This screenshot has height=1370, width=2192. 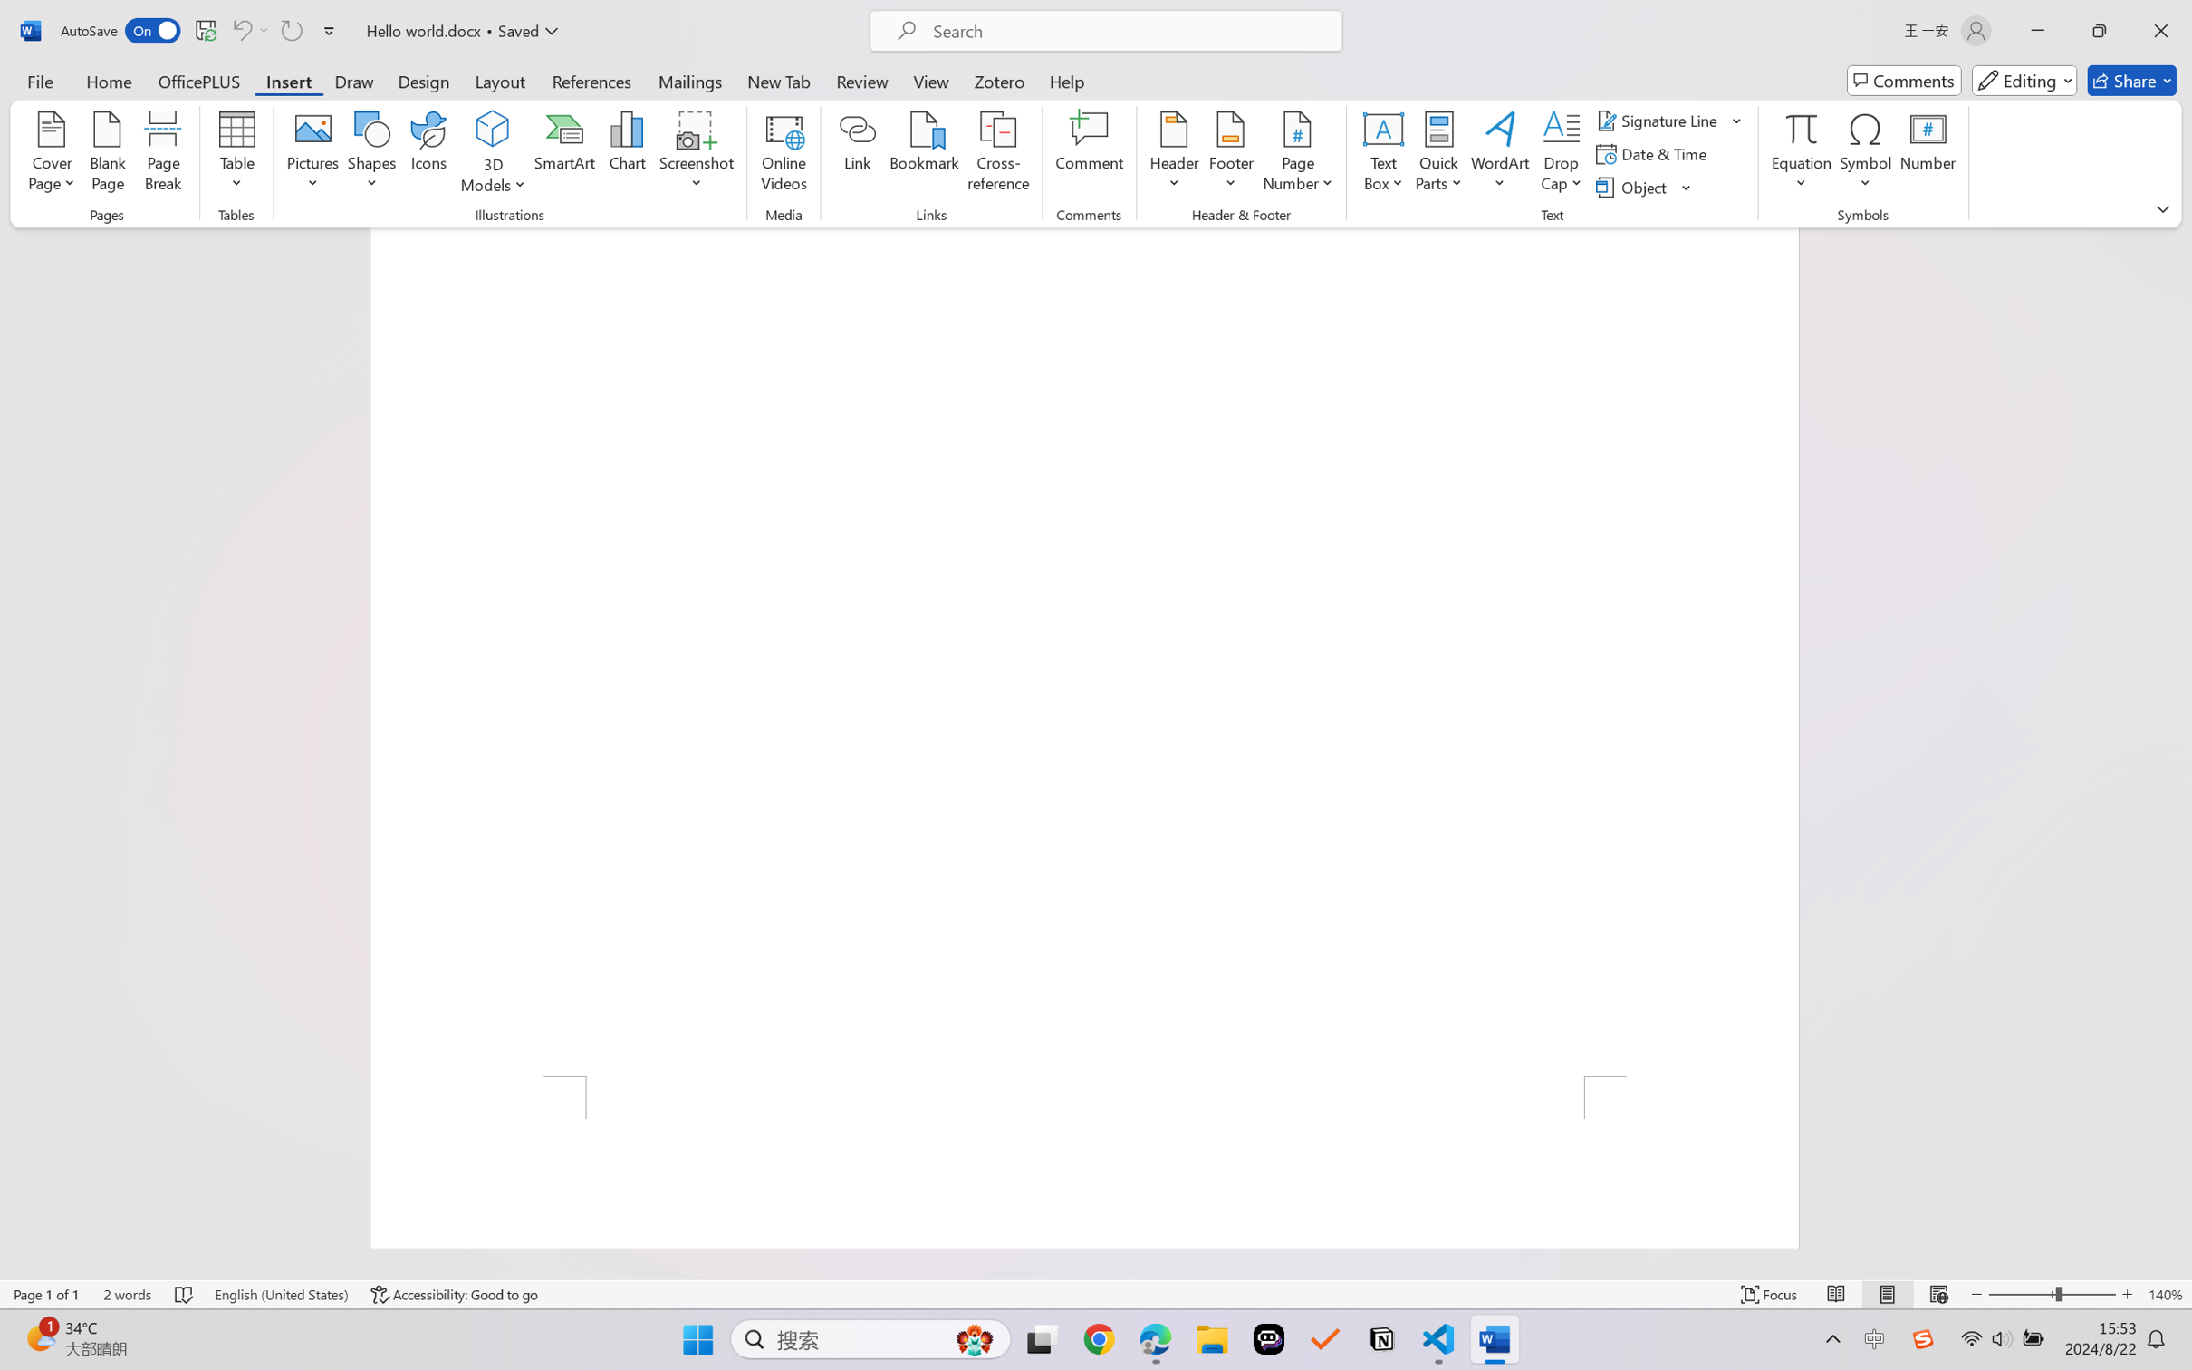 I want to click on 'Close', so click(x=2160, y=30).